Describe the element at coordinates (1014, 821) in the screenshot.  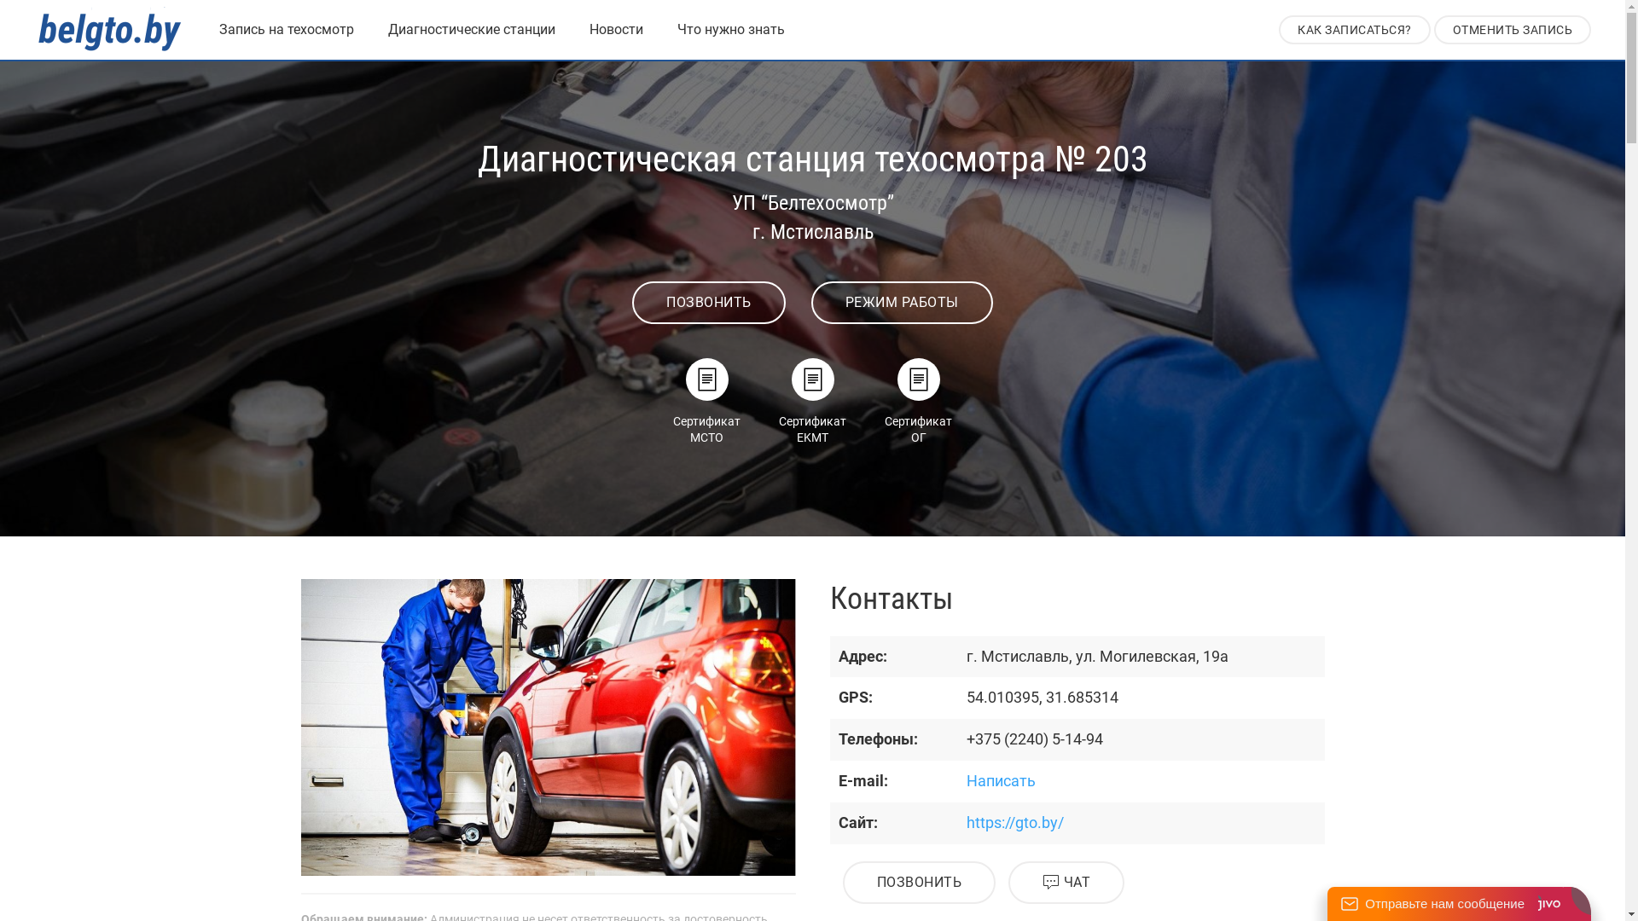
I see `'https://gto.by/'` at that location.